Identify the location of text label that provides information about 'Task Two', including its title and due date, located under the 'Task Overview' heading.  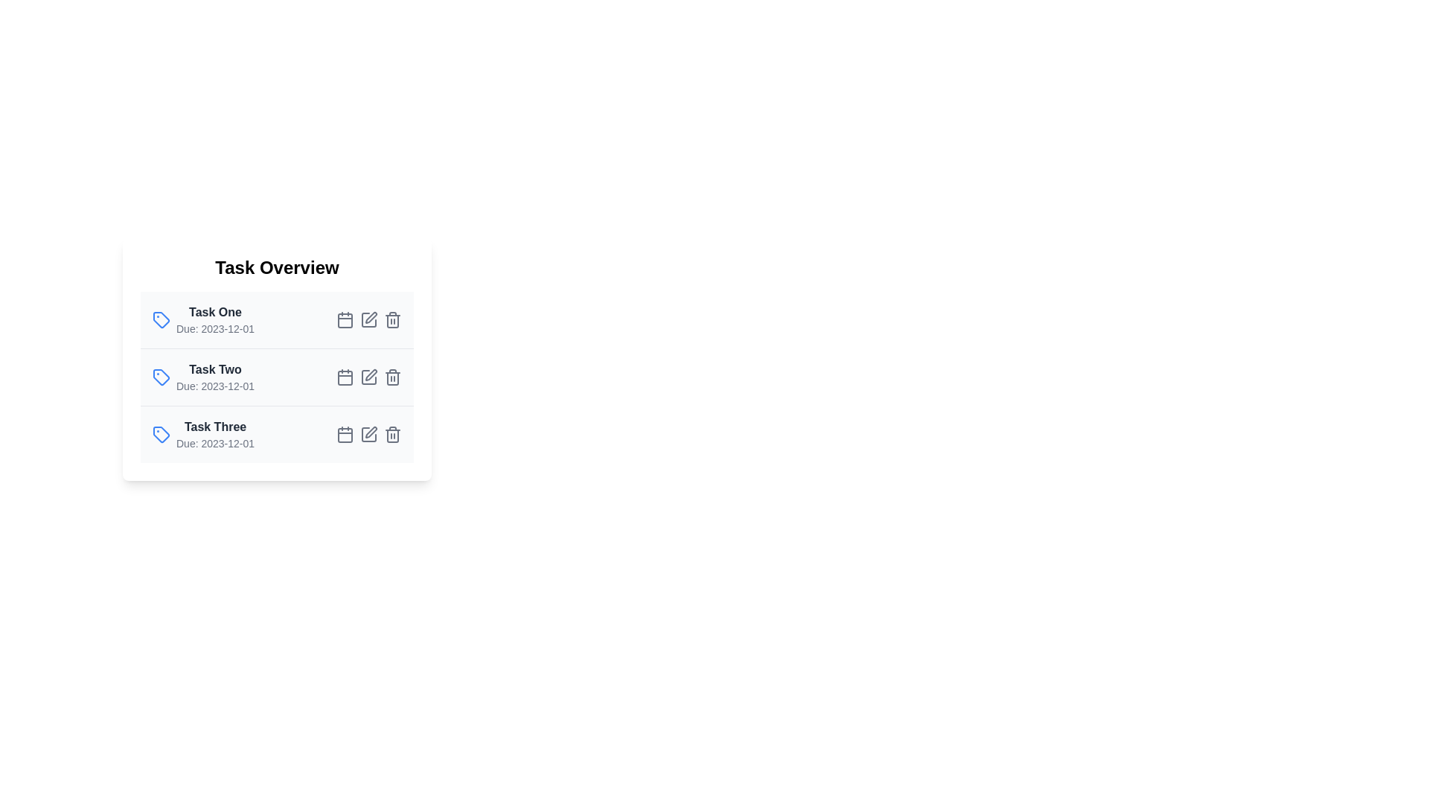
(214, 376).